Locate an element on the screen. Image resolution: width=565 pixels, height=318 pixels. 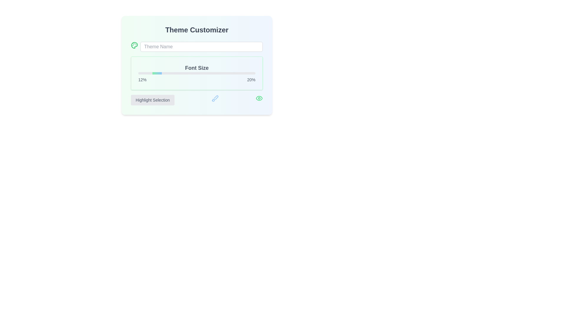
the slider is located at coordinates (197, 73).